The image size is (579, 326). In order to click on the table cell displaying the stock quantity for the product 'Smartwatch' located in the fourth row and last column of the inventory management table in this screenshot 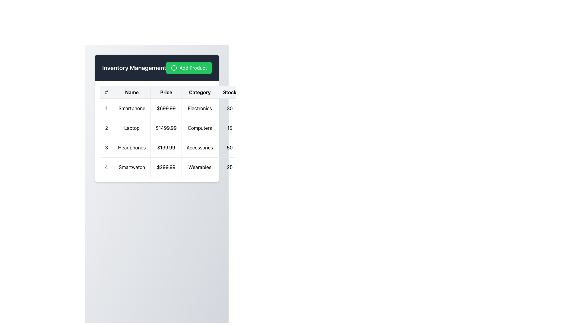, I will do `click(229, 167)`.